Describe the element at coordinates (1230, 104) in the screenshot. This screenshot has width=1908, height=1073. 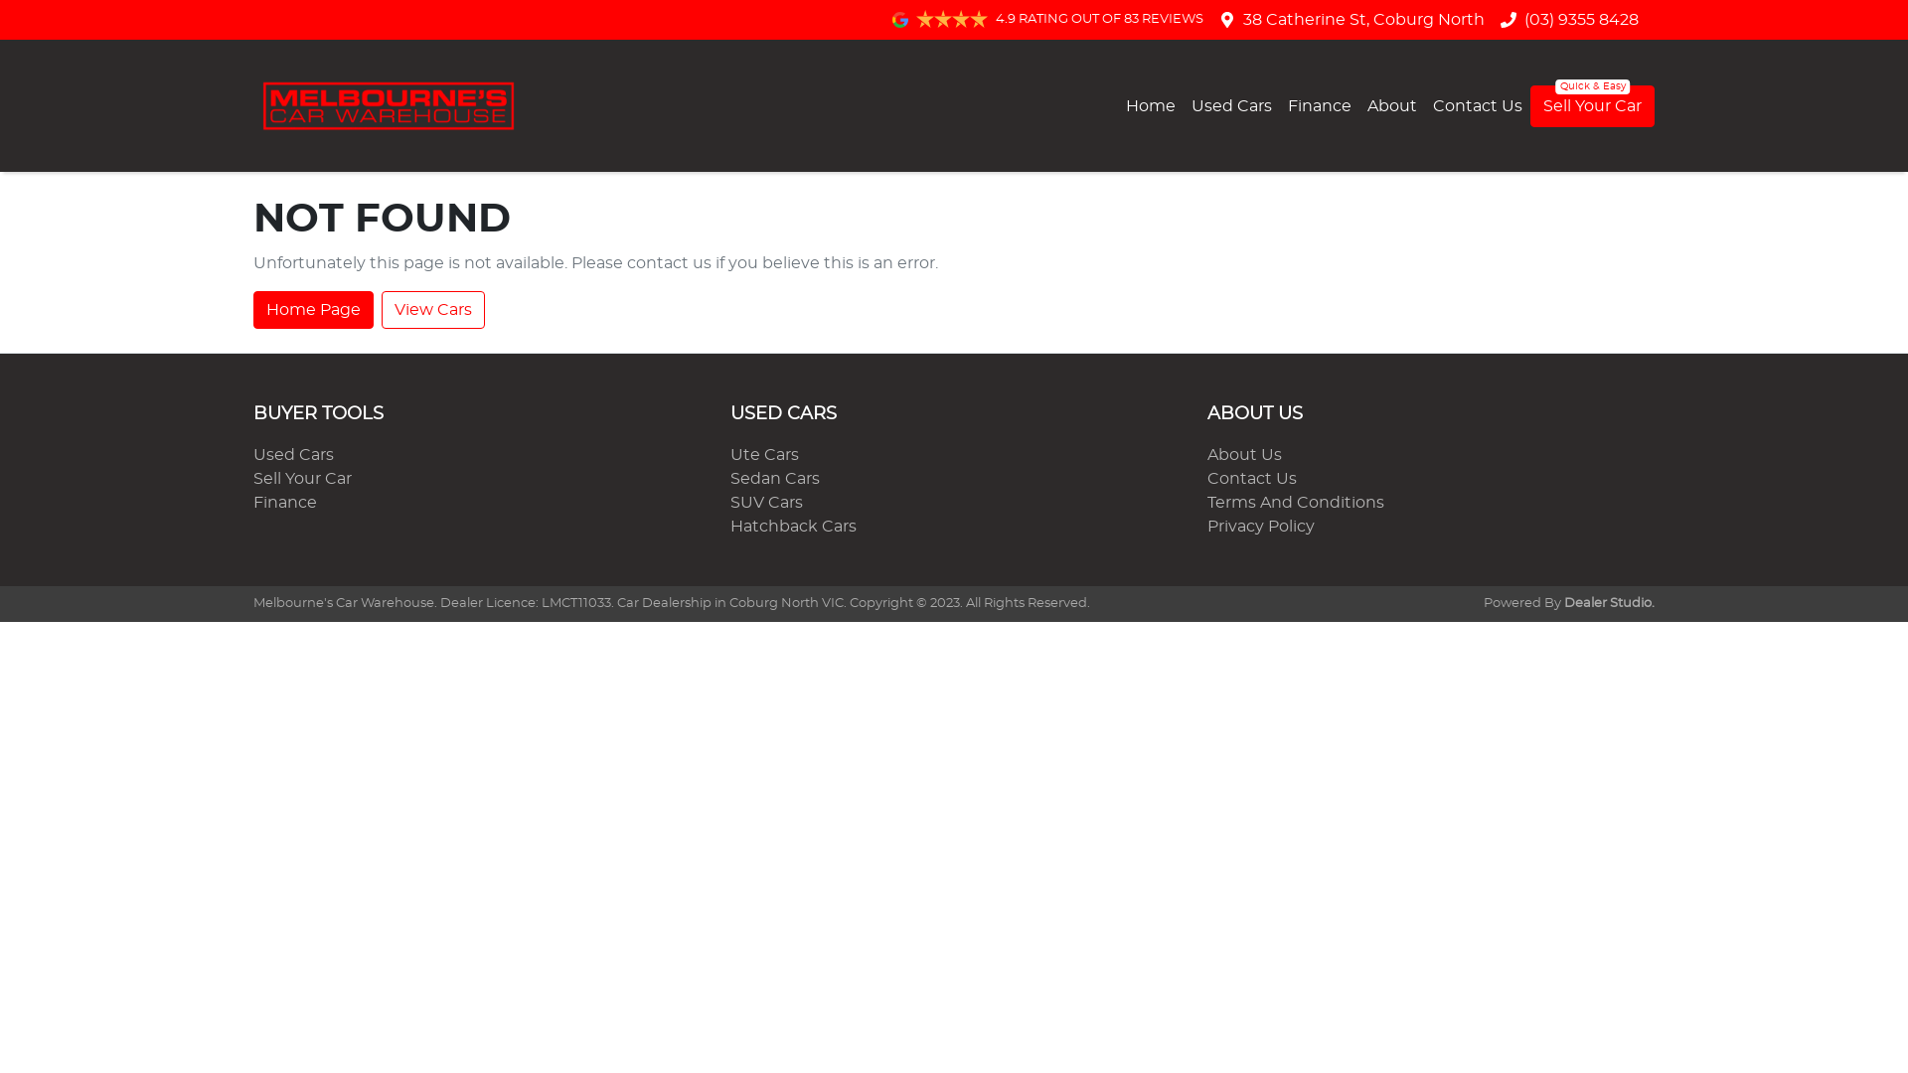
I see `'Used Cars'` at that location.